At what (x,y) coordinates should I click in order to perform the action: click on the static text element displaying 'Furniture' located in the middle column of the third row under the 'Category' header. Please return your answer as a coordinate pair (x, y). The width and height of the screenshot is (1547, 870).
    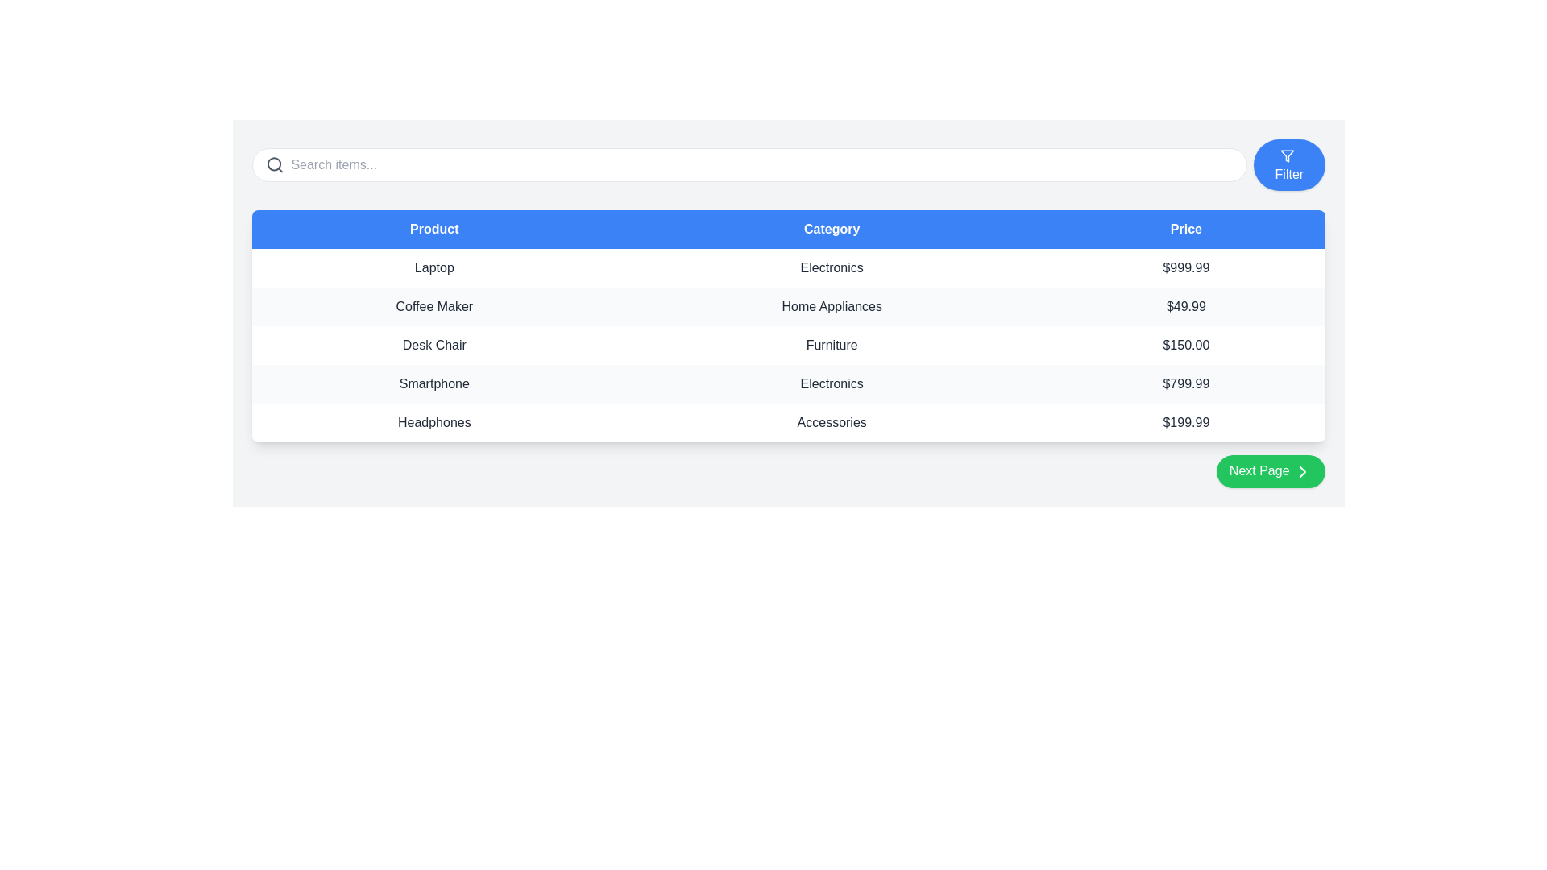
    Looking at the image, I should click on (832, 344).